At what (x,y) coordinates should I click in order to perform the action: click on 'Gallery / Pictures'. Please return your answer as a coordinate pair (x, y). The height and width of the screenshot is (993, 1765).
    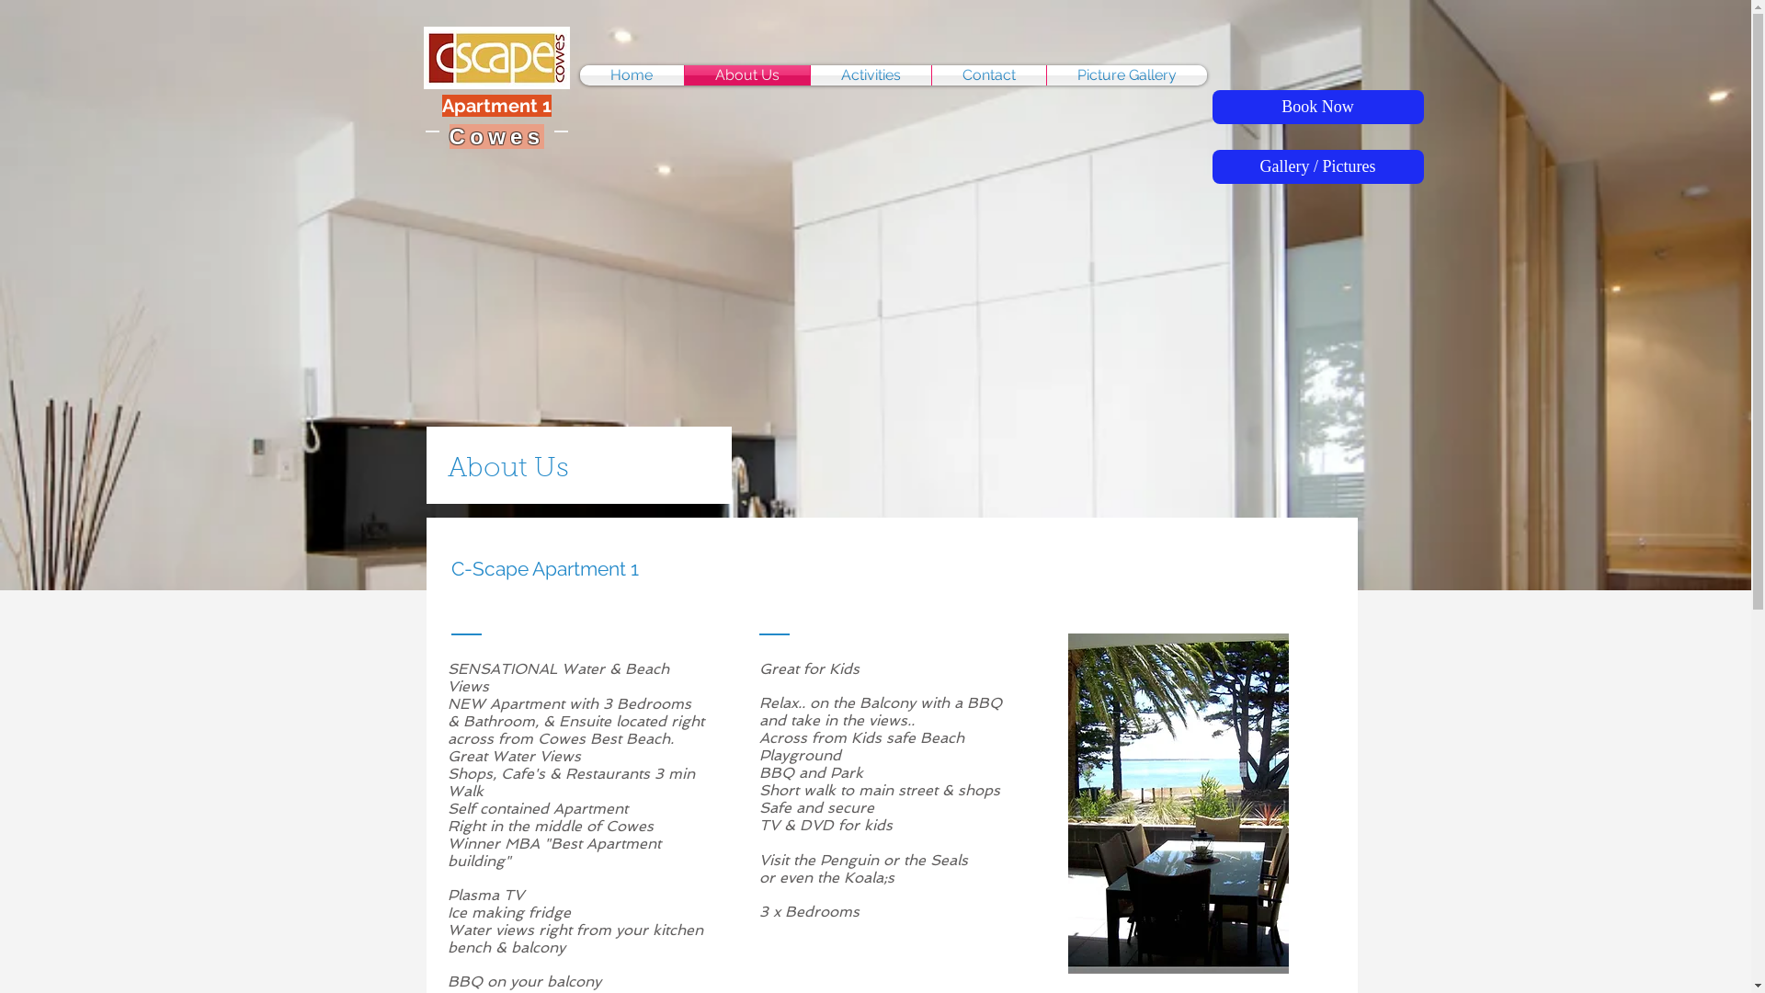
    Looking at the image, I should click on (1316, 166).